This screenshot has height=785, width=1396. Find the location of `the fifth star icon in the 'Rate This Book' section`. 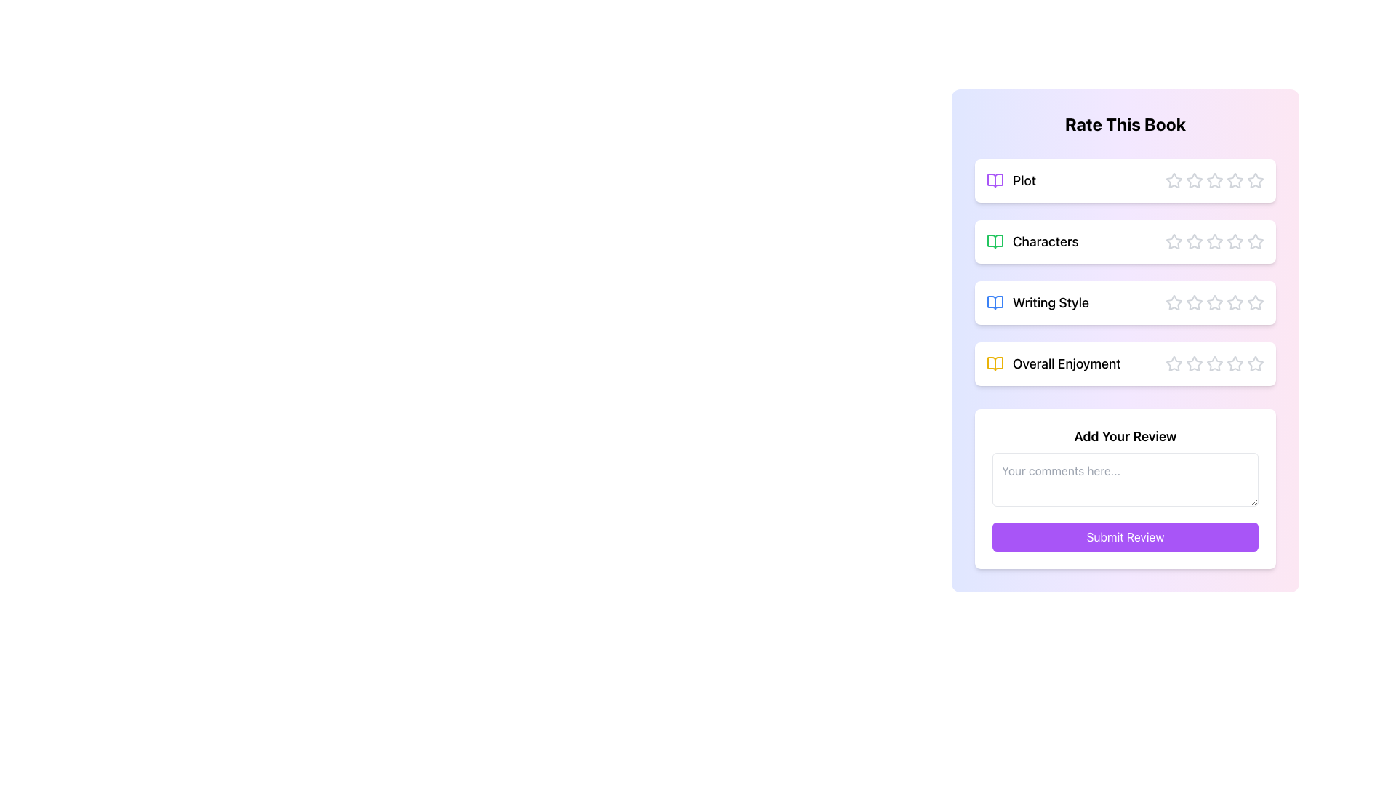

the fifth star icon in the 'Rate This Book' section is located at coordinates (1255, 241).